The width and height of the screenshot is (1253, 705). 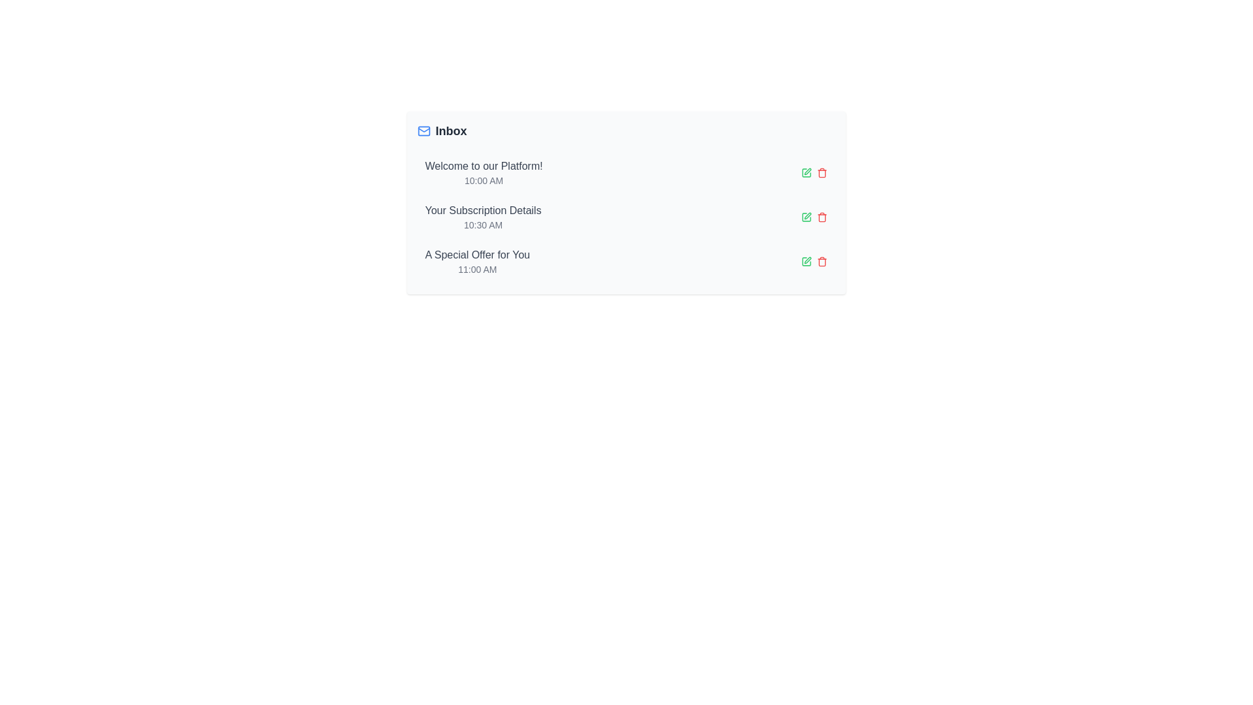 What do you see at coordinates (625, 262) in the screenshot?
I see `the third interactive list item that serves as a notification about a special offer` at bounding box center [625, 262].